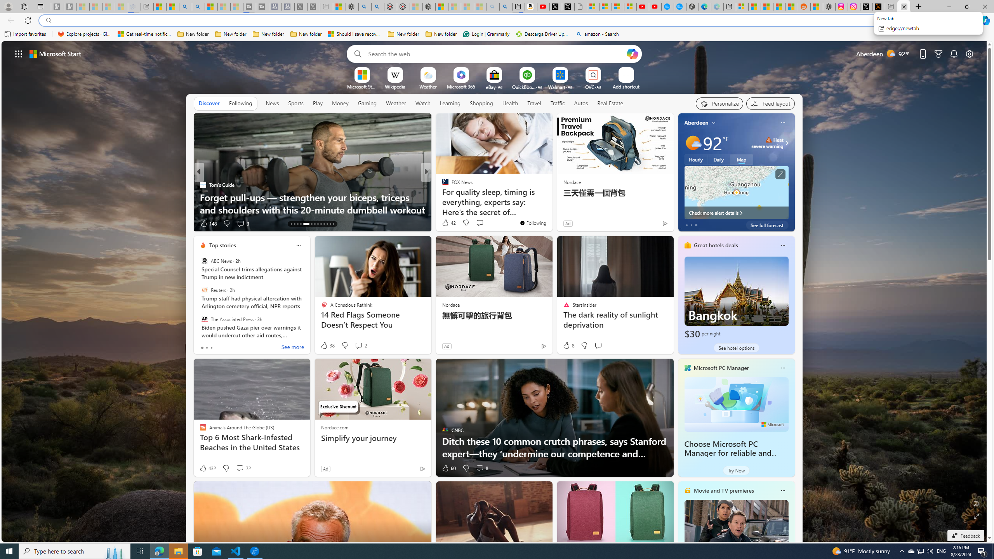  What do you see at coordinates (736, 470) in the screenshot?
I see `'Try Now'` at bounding box center [736, 470].